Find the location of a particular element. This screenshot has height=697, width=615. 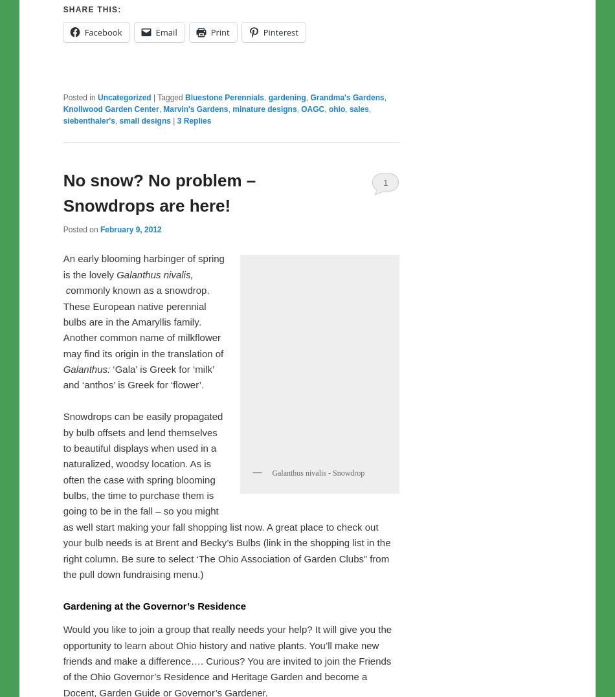

'small designs' is located at coordinates (144, 152).